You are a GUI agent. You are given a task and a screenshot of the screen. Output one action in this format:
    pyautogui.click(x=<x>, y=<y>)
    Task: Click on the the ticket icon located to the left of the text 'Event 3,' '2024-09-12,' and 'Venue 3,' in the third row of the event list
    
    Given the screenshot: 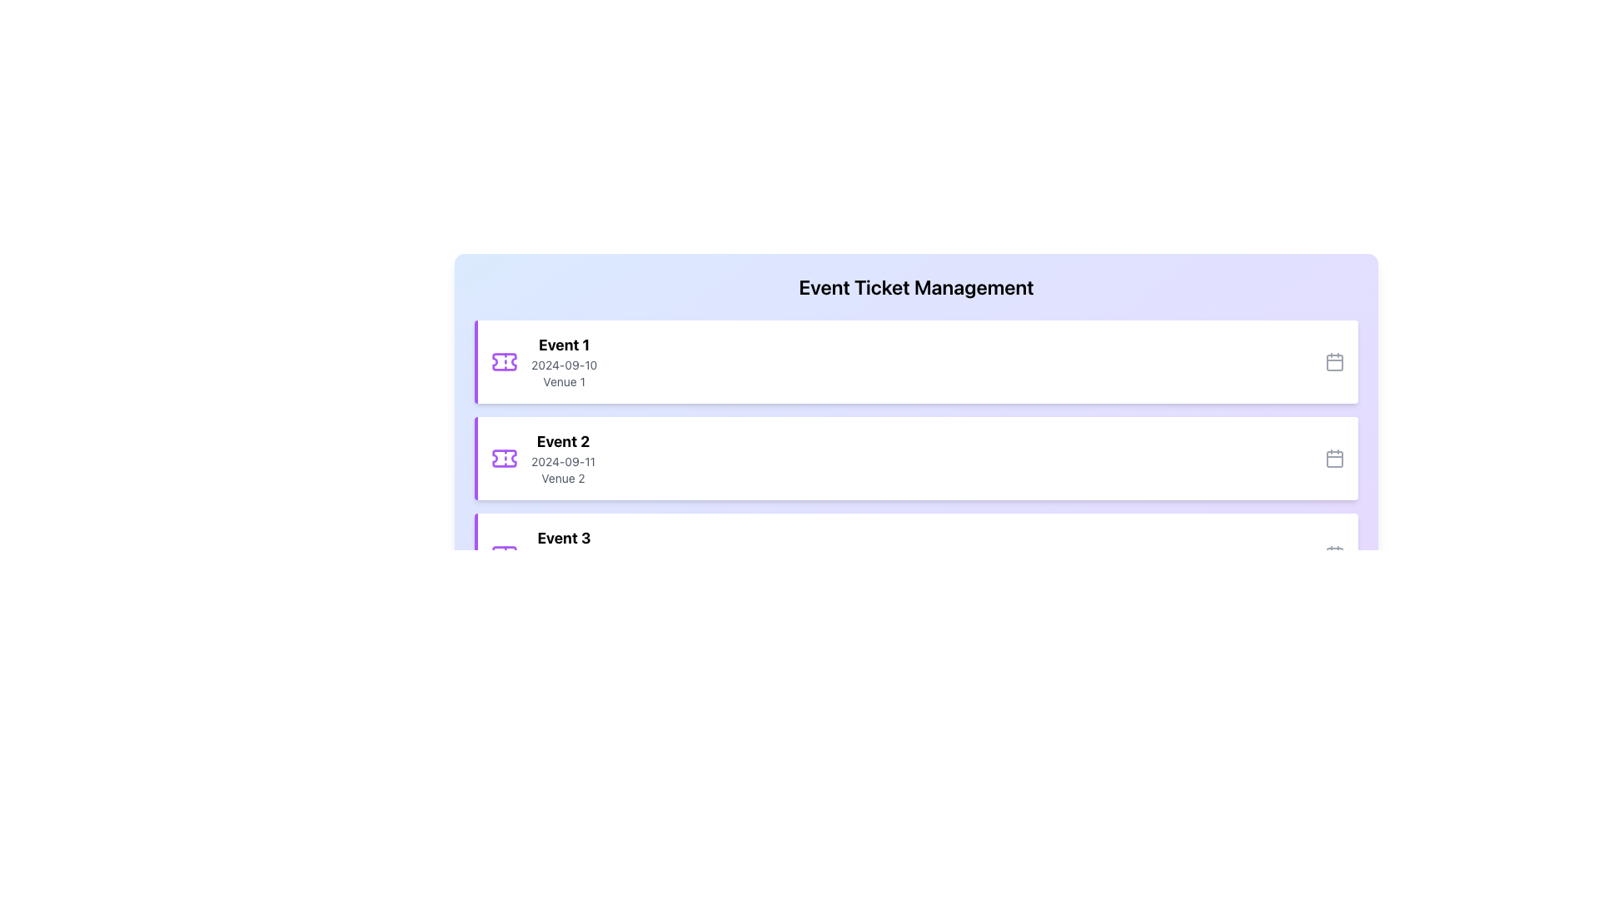 What is the action you would take?
    pyautogui.click(x=503, y=555)
    